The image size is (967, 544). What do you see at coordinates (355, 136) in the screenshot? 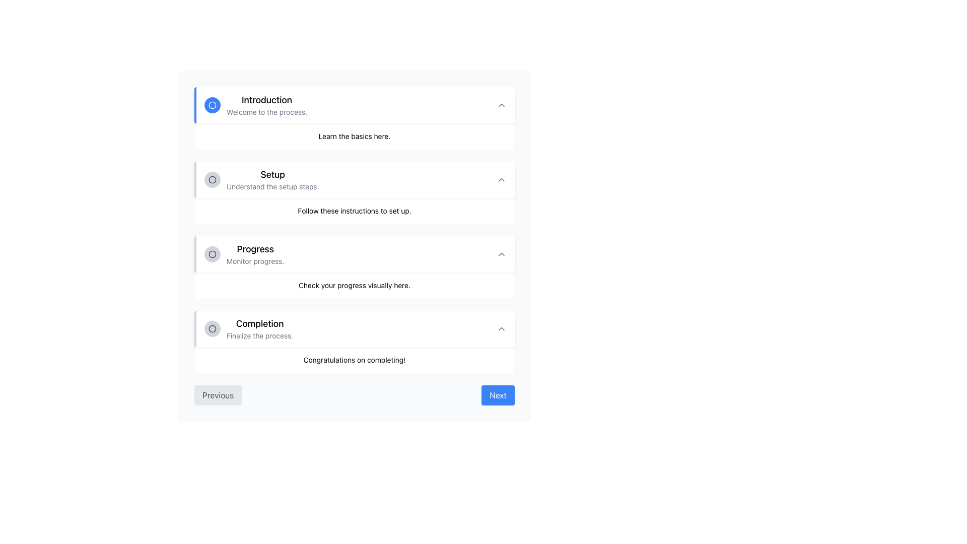
I see `the Static Text Block providing additional information or instructions related to the 'Introduction' section, positioned below the 'Introduction' heading and centrally aligned` at bounding box center [355, 136].